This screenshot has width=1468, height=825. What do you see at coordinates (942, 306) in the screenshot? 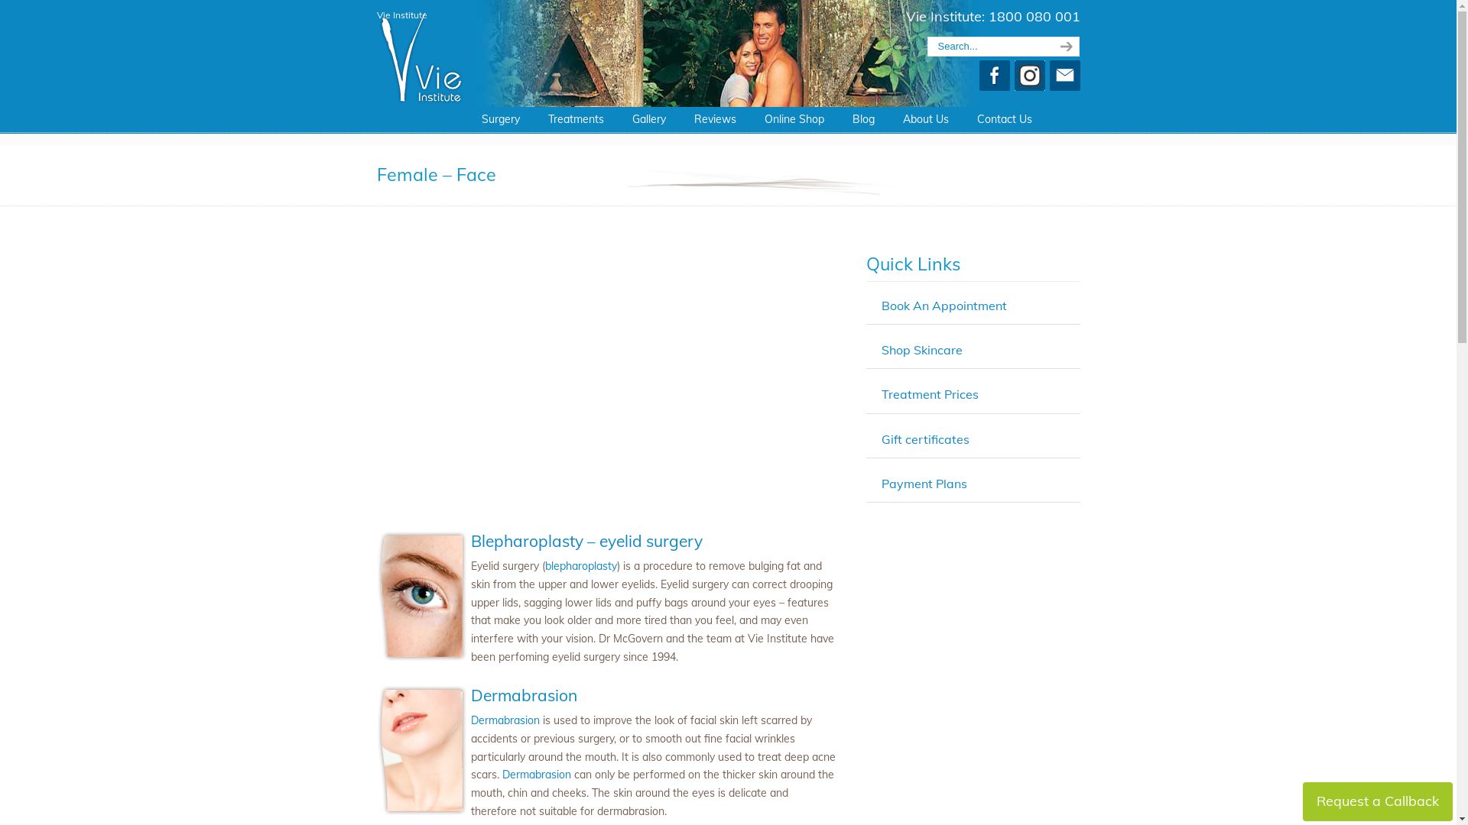
I see `'Book An Appointment'` at bounding box center [942, 306].